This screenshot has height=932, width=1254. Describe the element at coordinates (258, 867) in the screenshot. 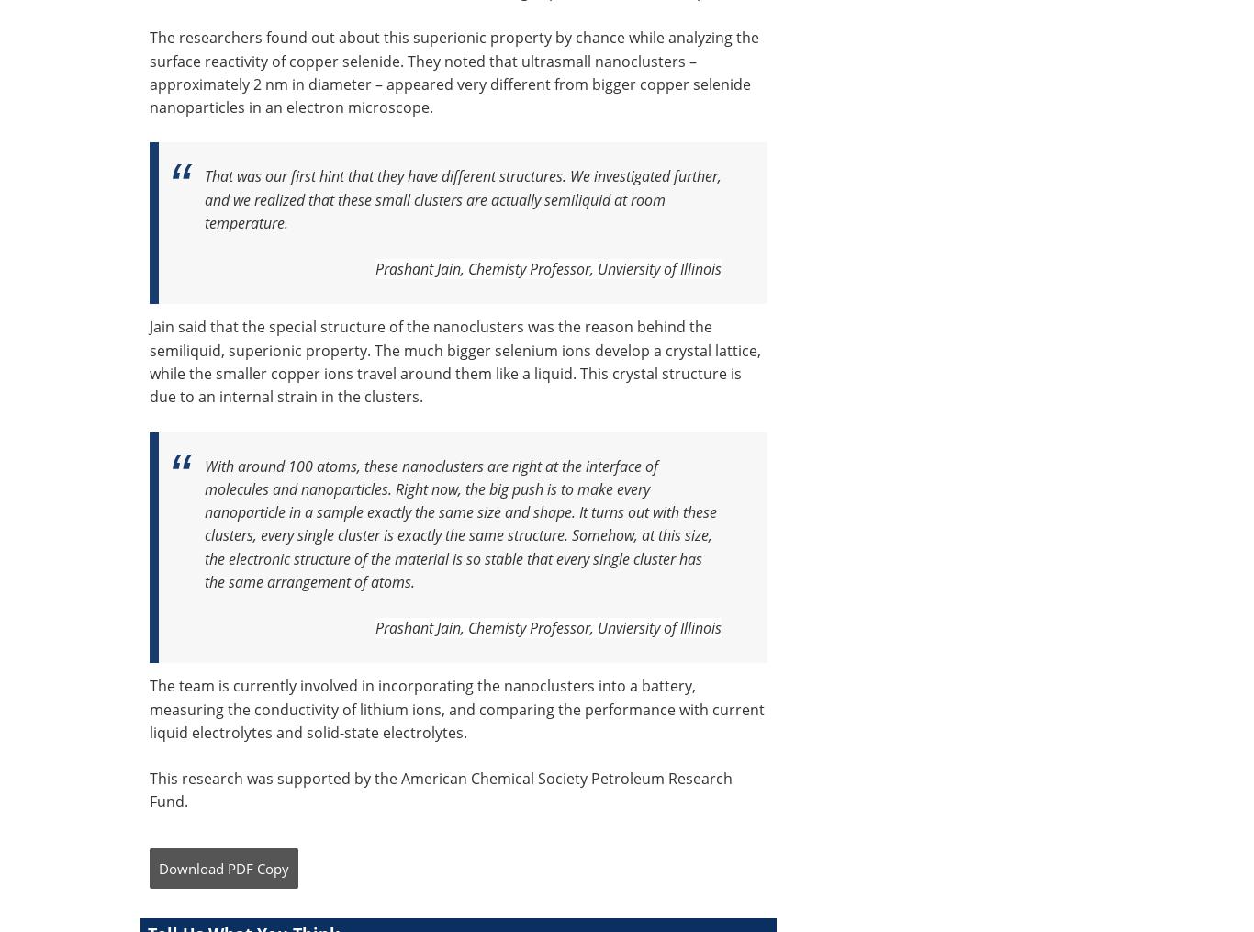

I see `'PDF Copy'` at that location.